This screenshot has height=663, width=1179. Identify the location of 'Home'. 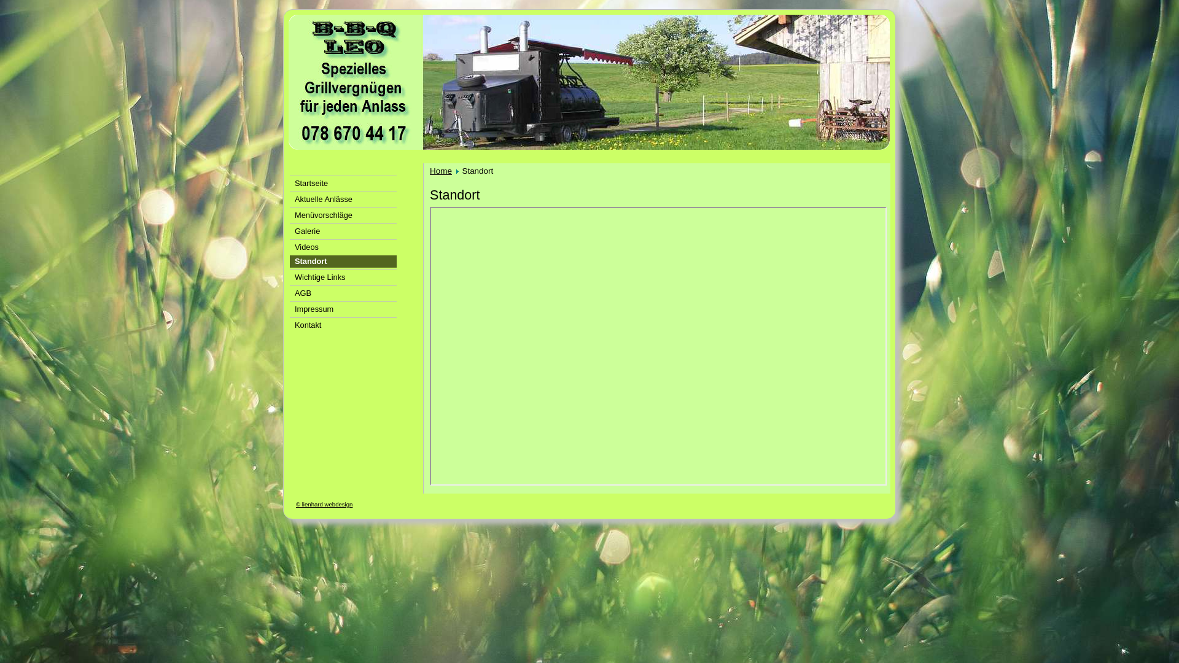
(430, 171).